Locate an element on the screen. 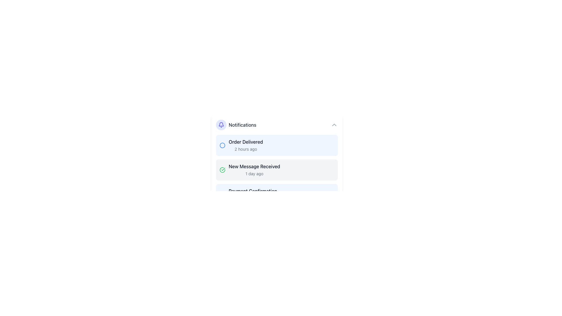 The image size is (562, 316). the 'Notifications' label with a purple bell icon is located at coordinates (236, 125).